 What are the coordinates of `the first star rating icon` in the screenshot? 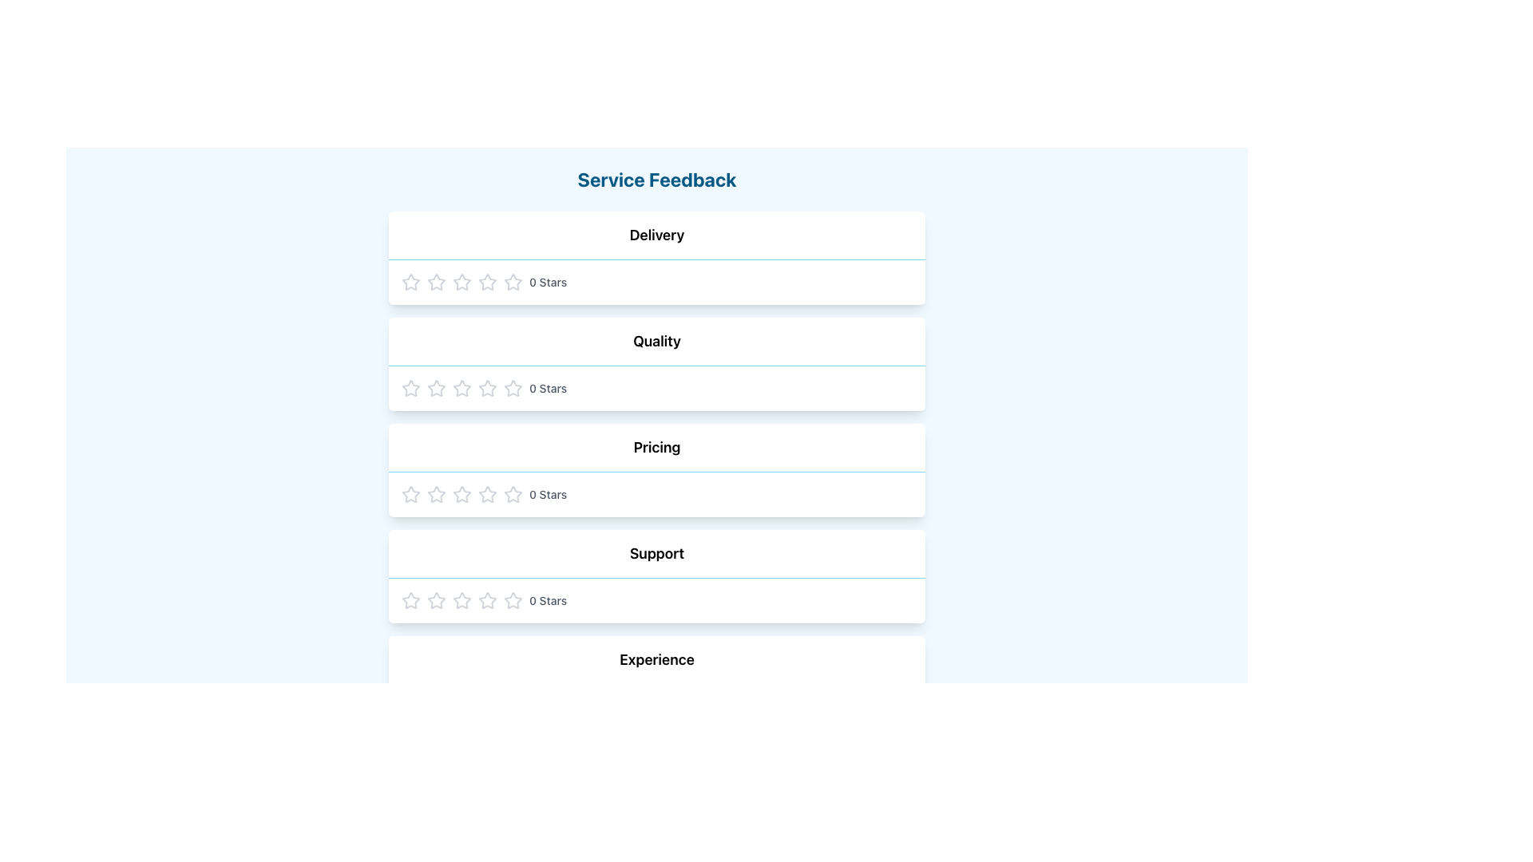 It's located at (461, 493).